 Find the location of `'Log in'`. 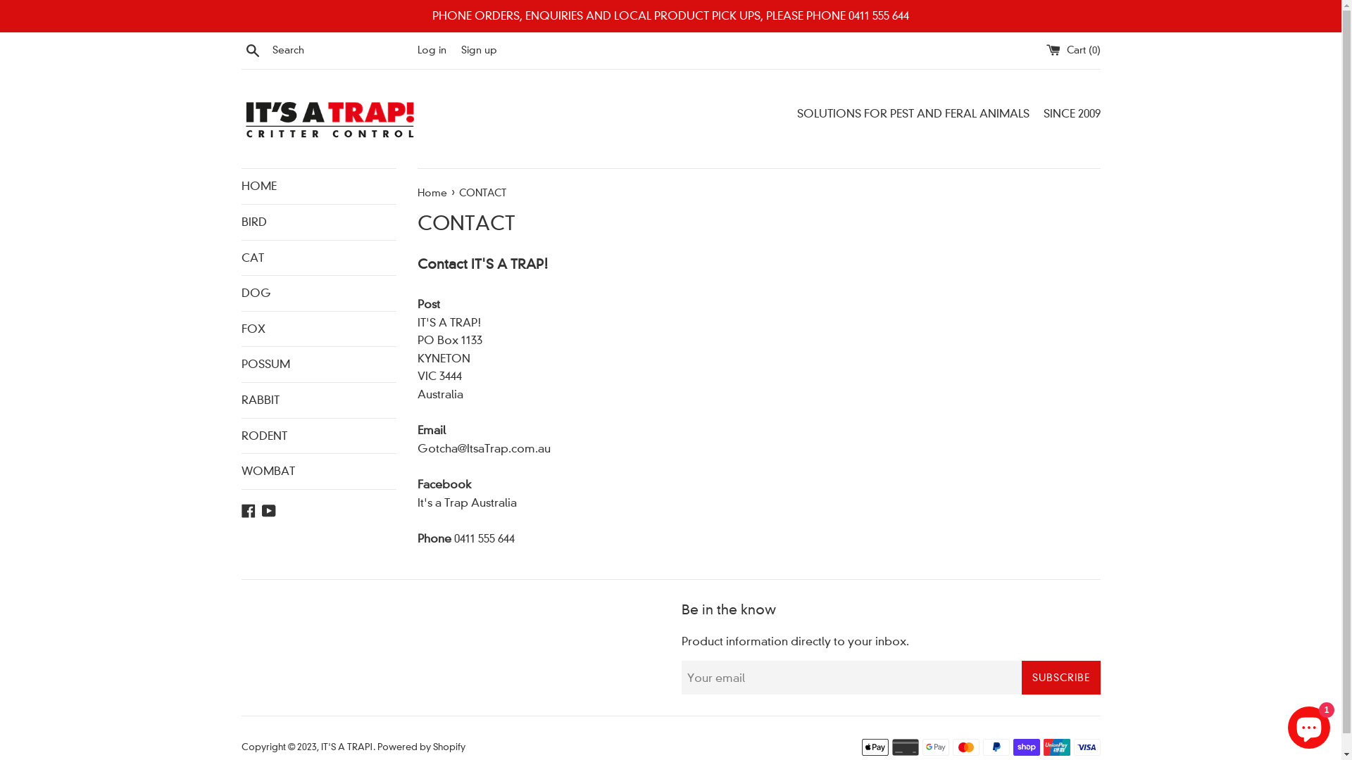

'Log in' is located at coordinates (430, 49).